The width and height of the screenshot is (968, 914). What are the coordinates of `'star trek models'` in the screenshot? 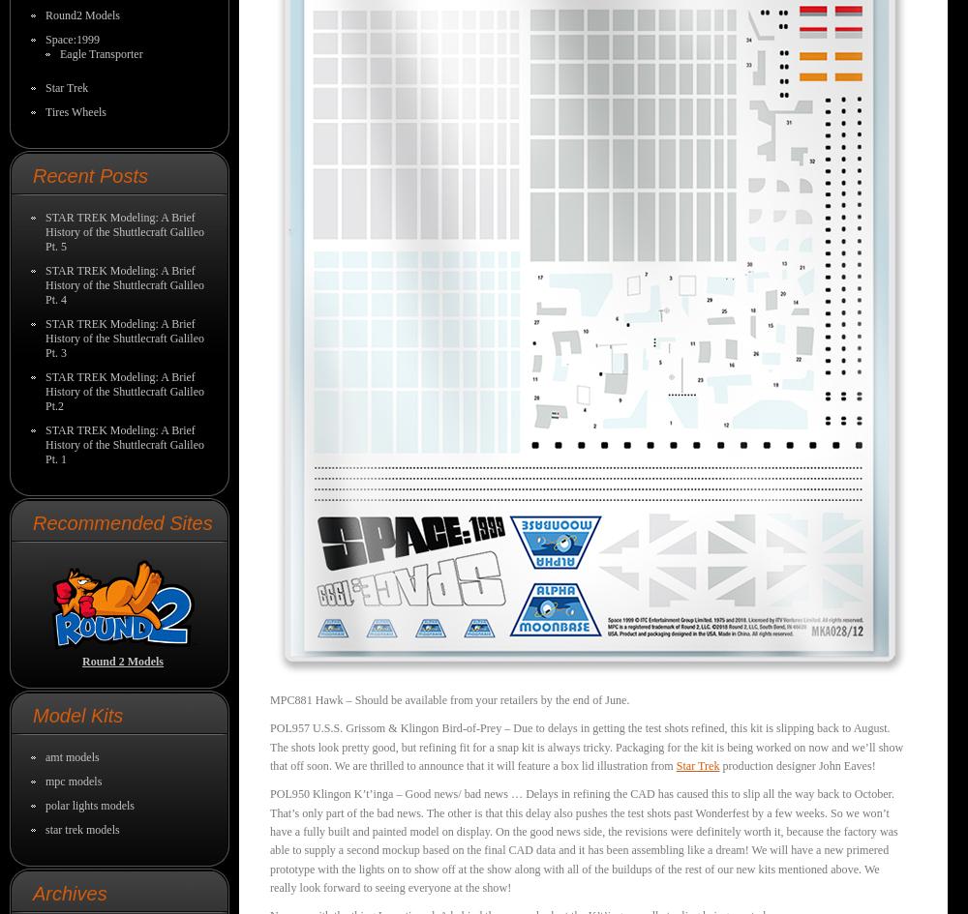 It's located at (81, 829).